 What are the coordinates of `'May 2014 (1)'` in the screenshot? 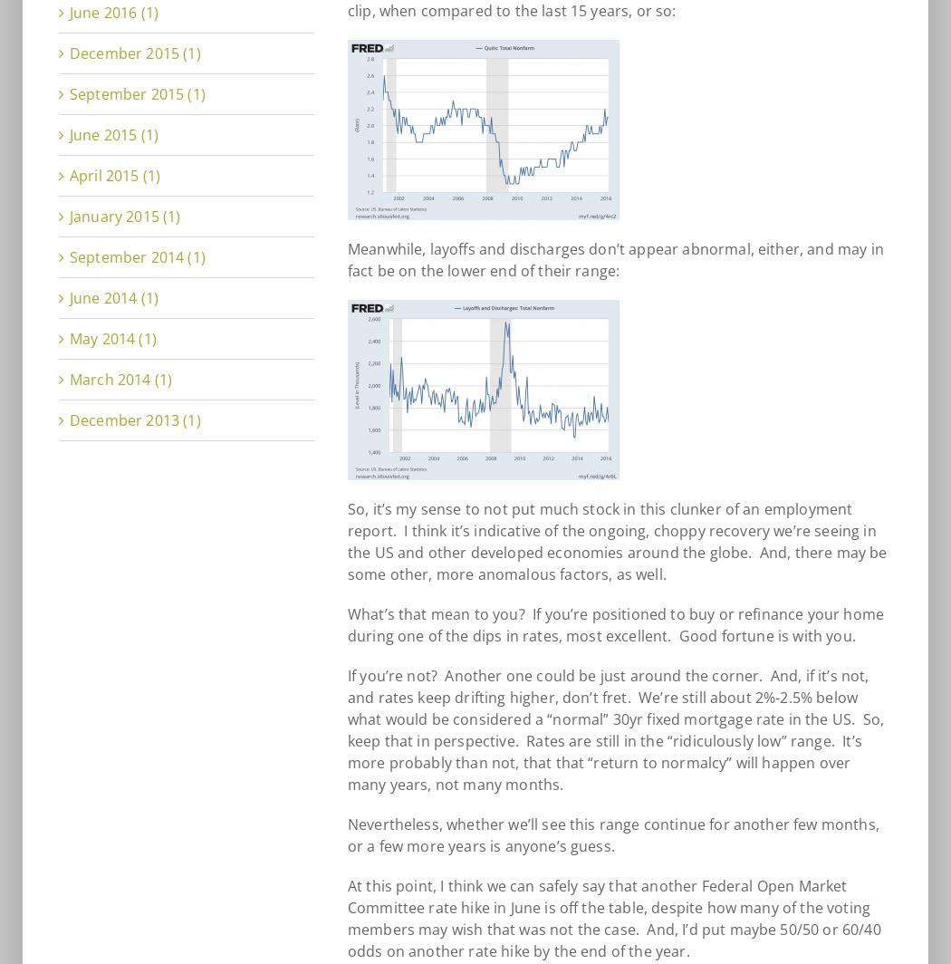 It's located at (111, 338).